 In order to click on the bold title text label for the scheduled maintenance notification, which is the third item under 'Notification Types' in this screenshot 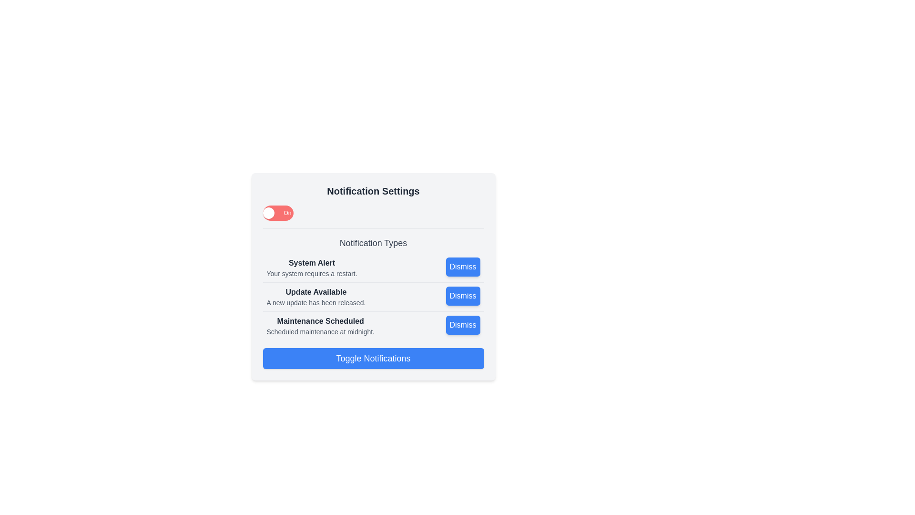, I will do `click(320, 321)`.